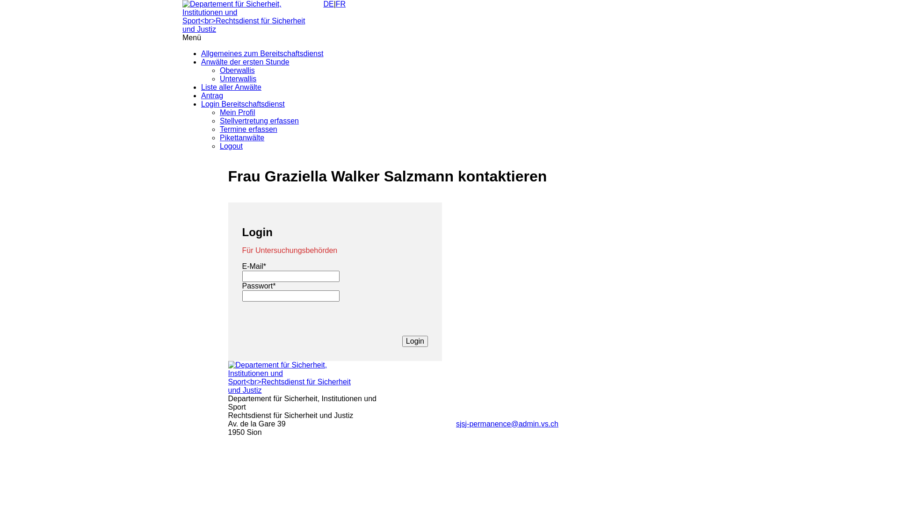  What do you see at coordinates (243, 104) in the screenshot?
I see `'Login Bereitschaftsdienst'` at bounding box center [243, 104].